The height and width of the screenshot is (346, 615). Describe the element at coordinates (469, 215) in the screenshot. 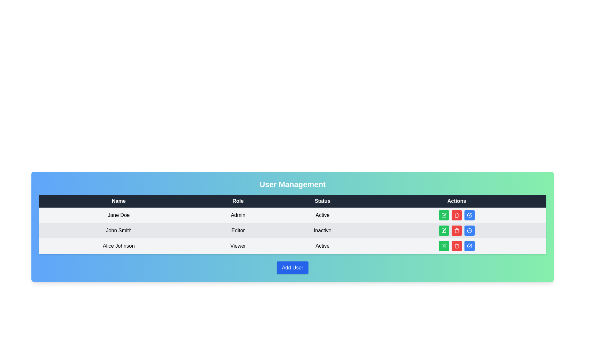

I see `the circular confirmation icon button located in the 'Actions' column of the user management table for user 'Alice Johnson'` at that location.